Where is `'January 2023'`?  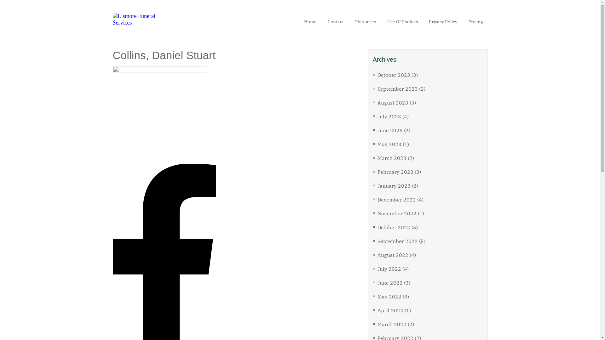
'January 2023' is located at coordinates (377, 185).